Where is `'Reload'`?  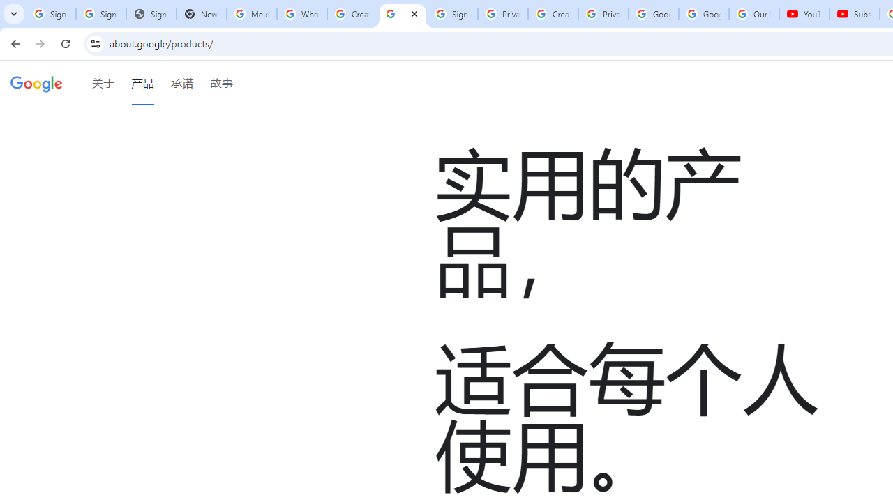
'Reload' is located at coordinates (65, 43).